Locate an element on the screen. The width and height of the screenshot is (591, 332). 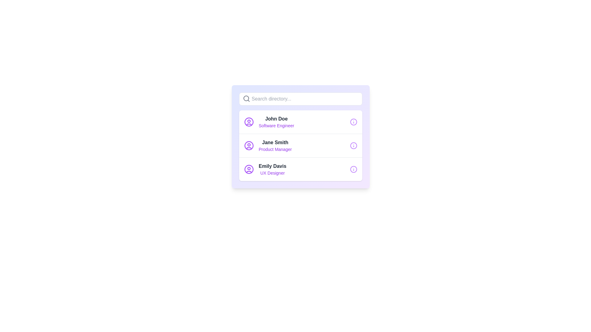
the icon representing 'Jane Smith' is located at coordinates (249, 146).